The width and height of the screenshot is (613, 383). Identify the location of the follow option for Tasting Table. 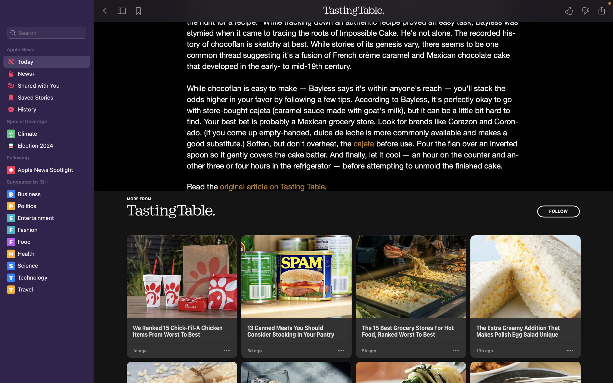
(558, 211).